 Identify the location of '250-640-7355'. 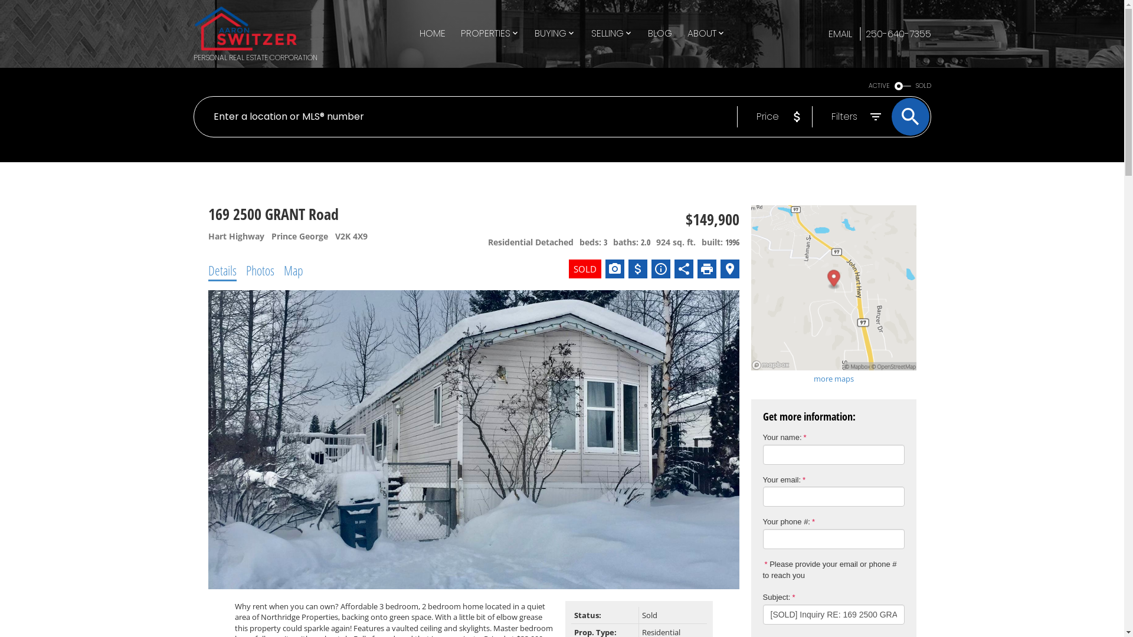
(895, 33).